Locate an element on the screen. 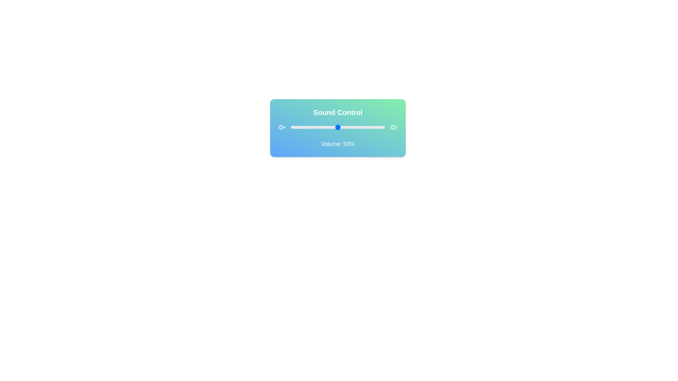 The width and height of the screenshot is (678, 381). the volume slider is located at coordinates (349, 127).